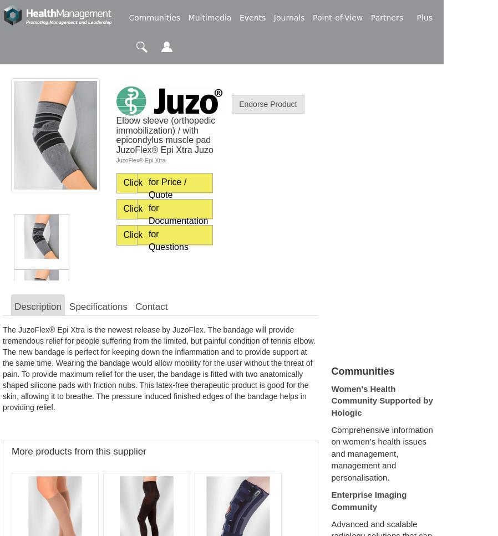 This screenshot has width=498, height=536. What do you see at coordinates (387, 18) in the screenshot?
I see `'Partners'` at bounding box center [387, 18].